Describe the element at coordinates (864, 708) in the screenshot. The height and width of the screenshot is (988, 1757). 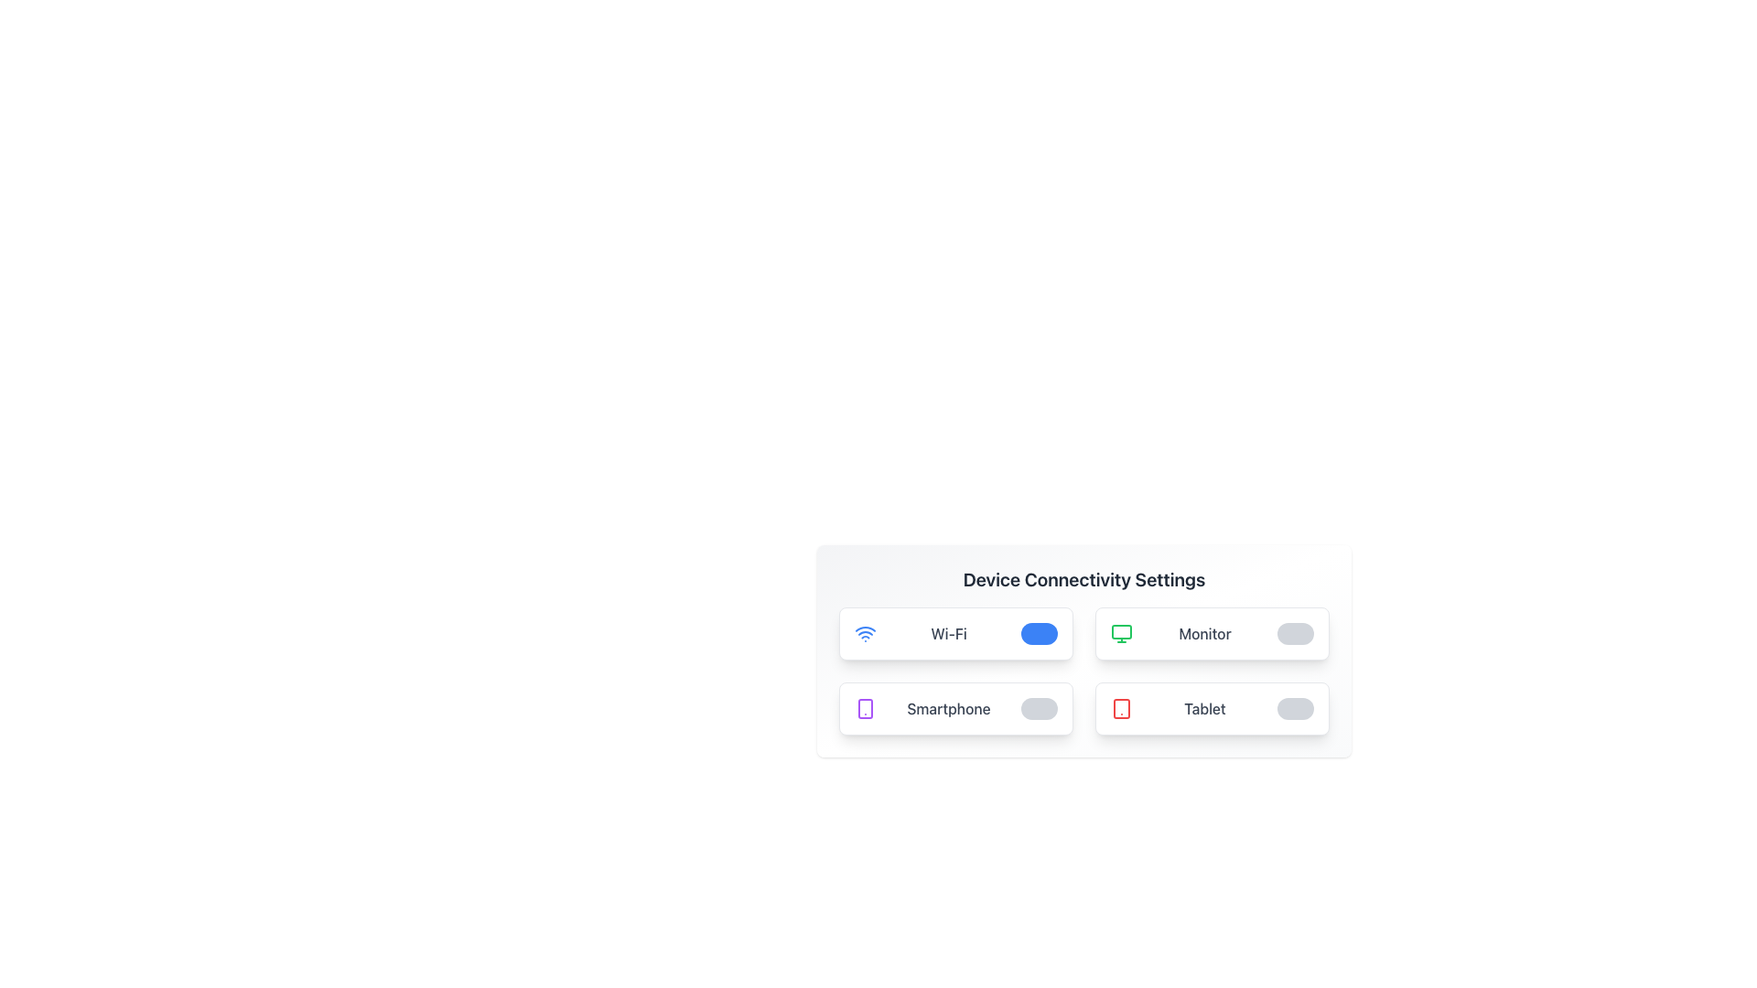
I see `the smartphone icon located in the lower-left section of the settings card, which is the first item in the row labeled 'Smartphone'` at that location.